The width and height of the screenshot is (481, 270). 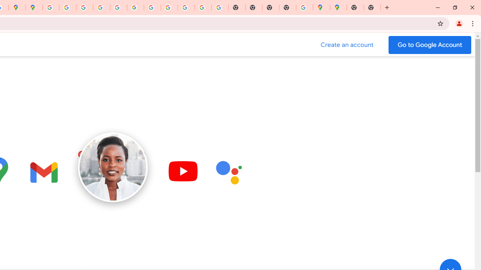 I want to click on 'Sign in - Google Accounts', so click(x=50, y=7).